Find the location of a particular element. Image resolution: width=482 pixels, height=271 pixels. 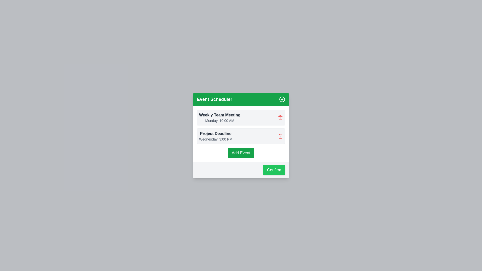

the close button located at the top-right corner of the dialog is located at coordinates (282, 99).